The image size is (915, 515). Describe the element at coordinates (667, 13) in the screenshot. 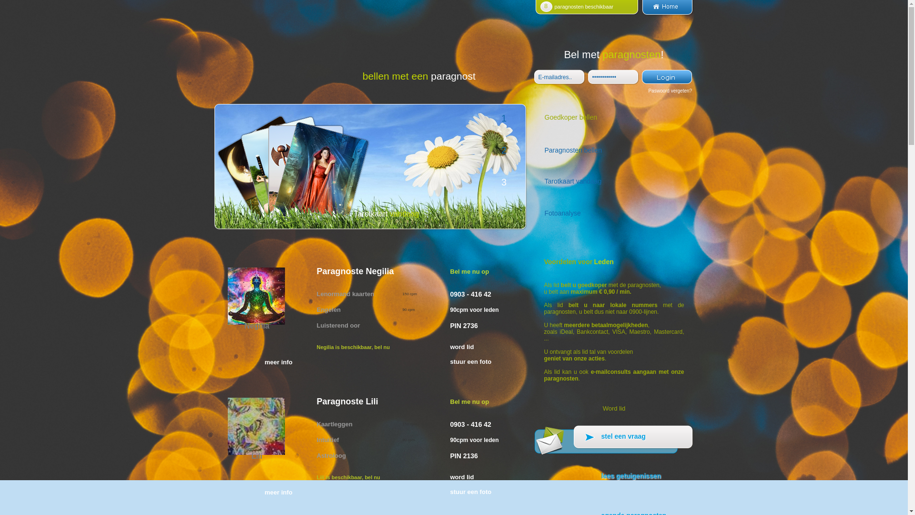

I see `'Home bellenparagnost.be - Bellen met een paragnost'` at that location.